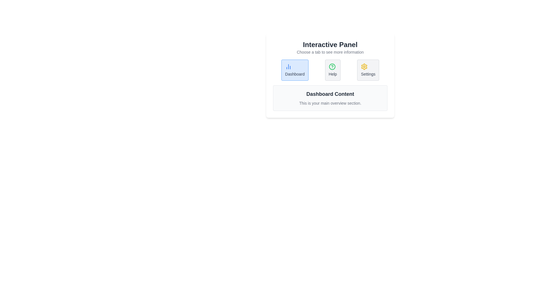 This screenshot has width=549, height=308. What do you see at coordinates (332, 66) in the screenshot?
I see `the circular question mark icon styled in green, located in the 'Interactive Panel' above the 'Help' label` at bounding box center [332, 66].